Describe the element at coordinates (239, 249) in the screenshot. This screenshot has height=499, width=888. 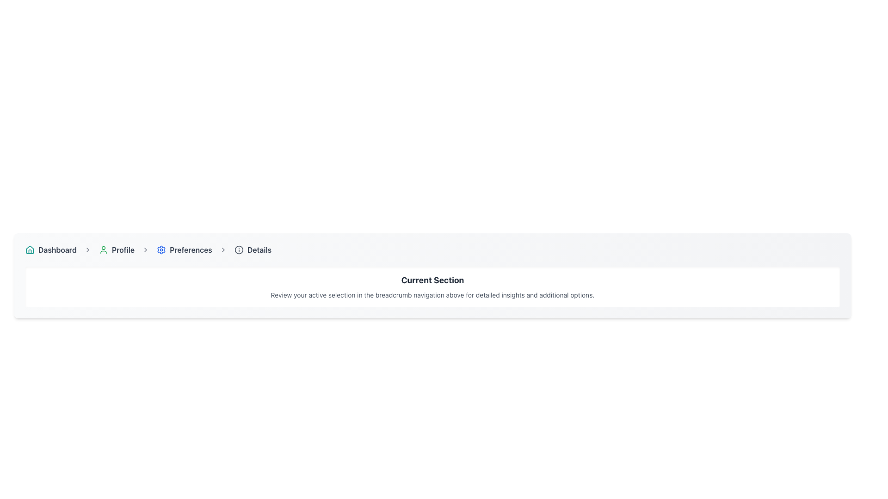
I see `the circular icon styled as part of the SVG graphic within the breadcrumb navigation, which represents an information symbol, to note its association with the details breadcrumb` at that location.